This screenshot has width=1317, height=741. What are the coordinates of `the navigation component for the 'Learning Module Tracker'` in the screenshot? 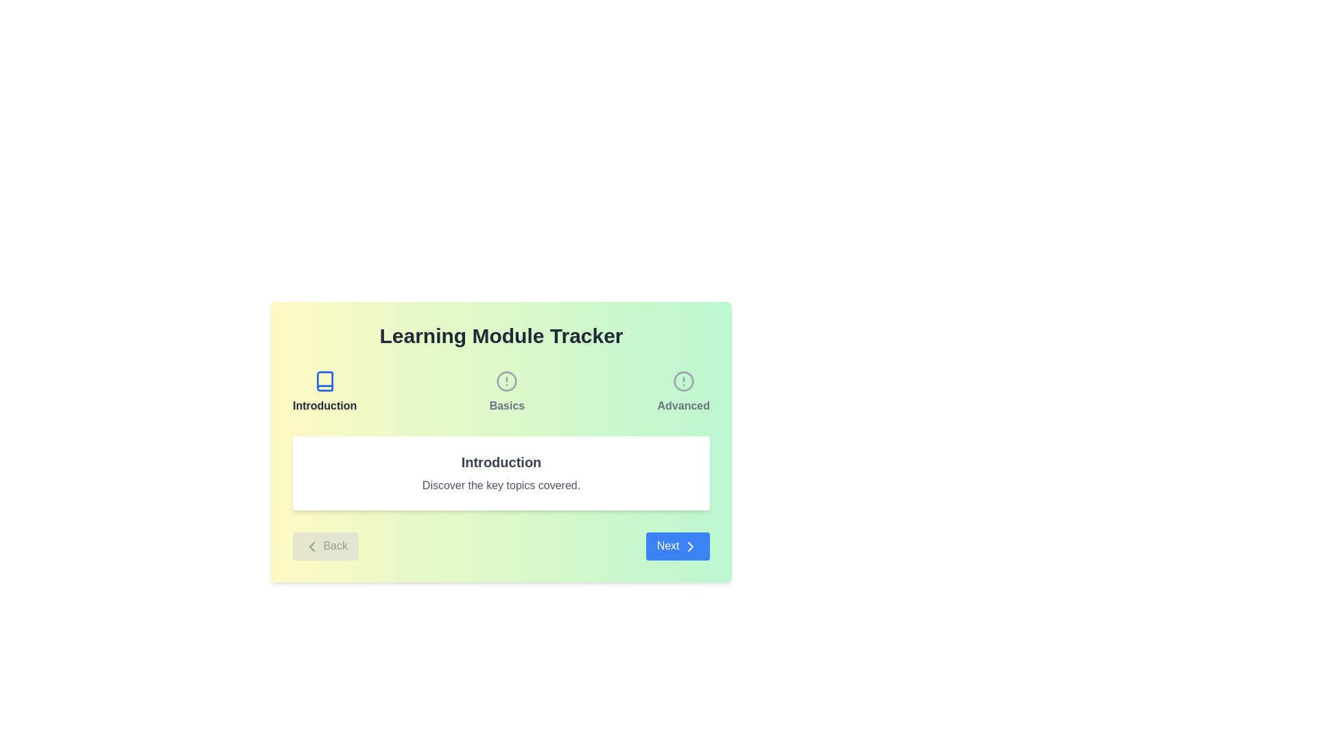 It's located at (500, 392).